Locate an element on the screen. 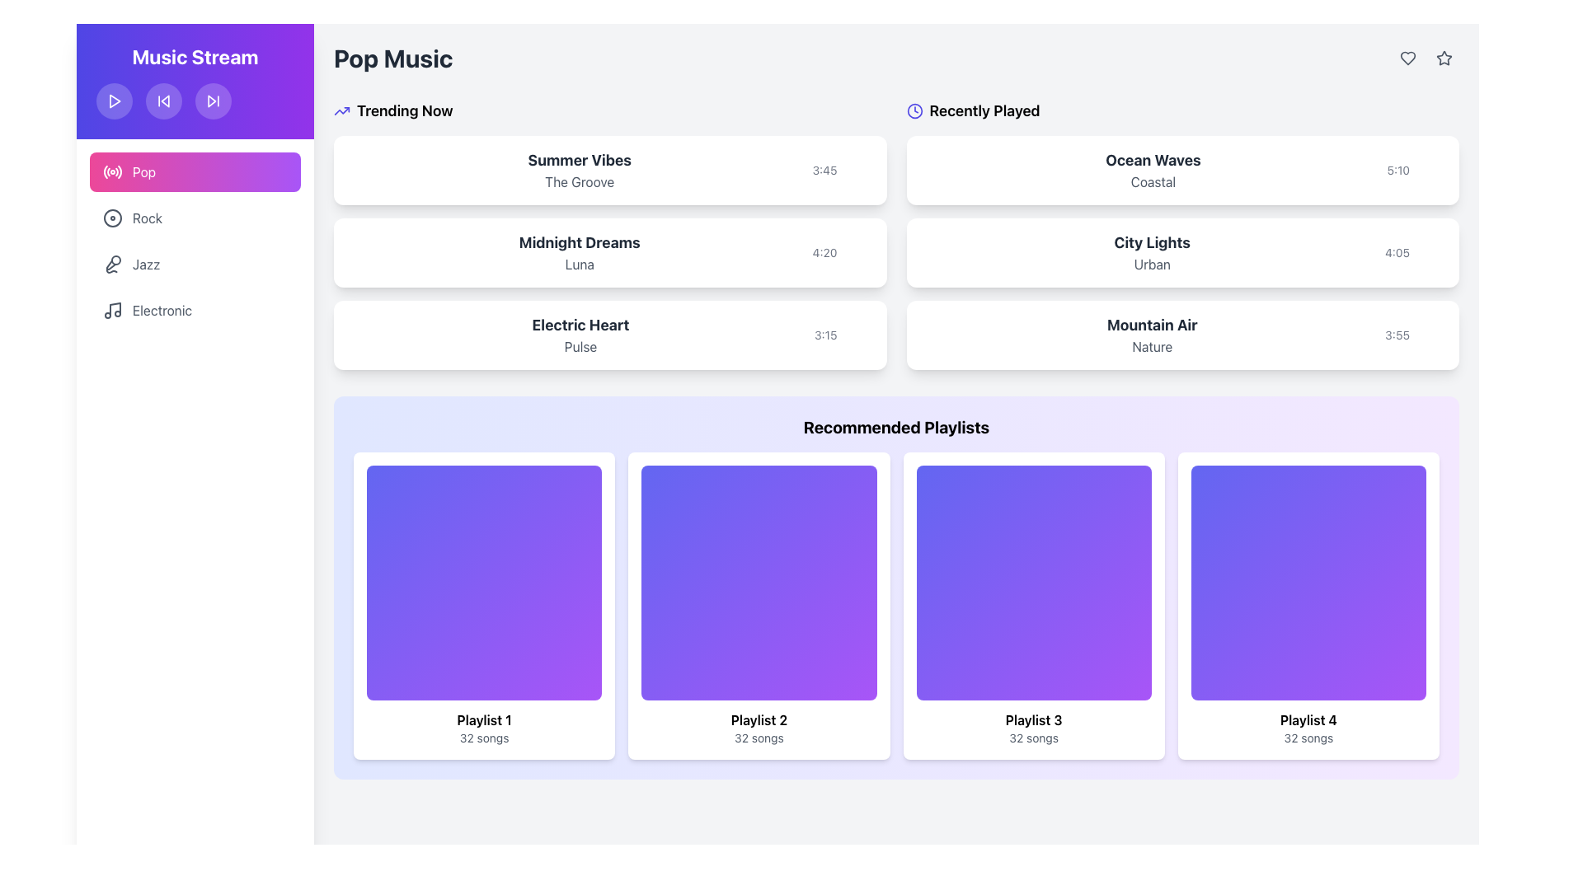 Image resolution: width=1583 pixels, height=890 pixels. properties of the Circular SVG element that is part of the clock icon located at the top-right section, next to the 'Recently Played' header is located at coordinates (914, 111).